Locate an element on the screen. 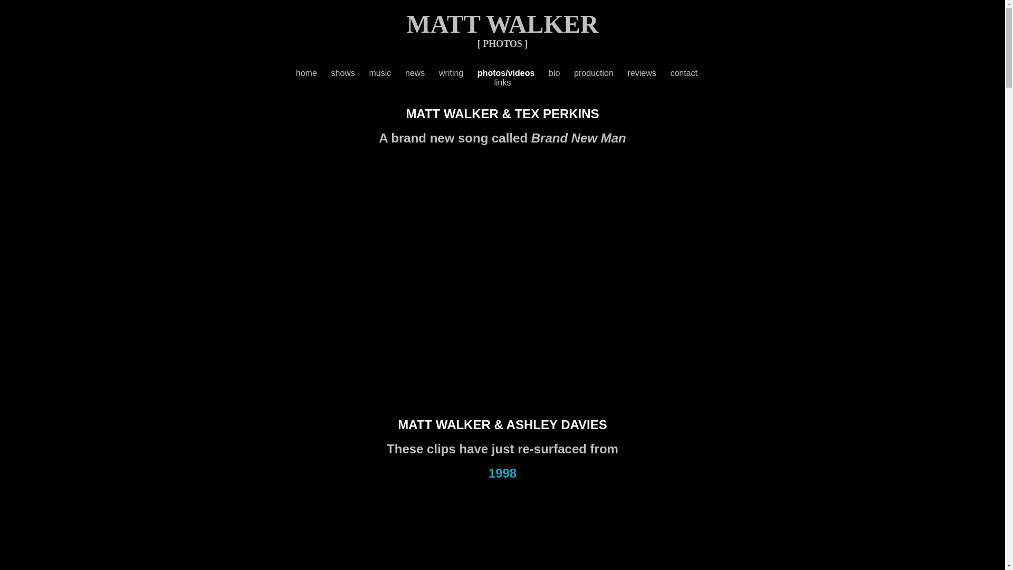 The image size is (1013, 570). 'writing     ' is located at coordinates (458, 72).